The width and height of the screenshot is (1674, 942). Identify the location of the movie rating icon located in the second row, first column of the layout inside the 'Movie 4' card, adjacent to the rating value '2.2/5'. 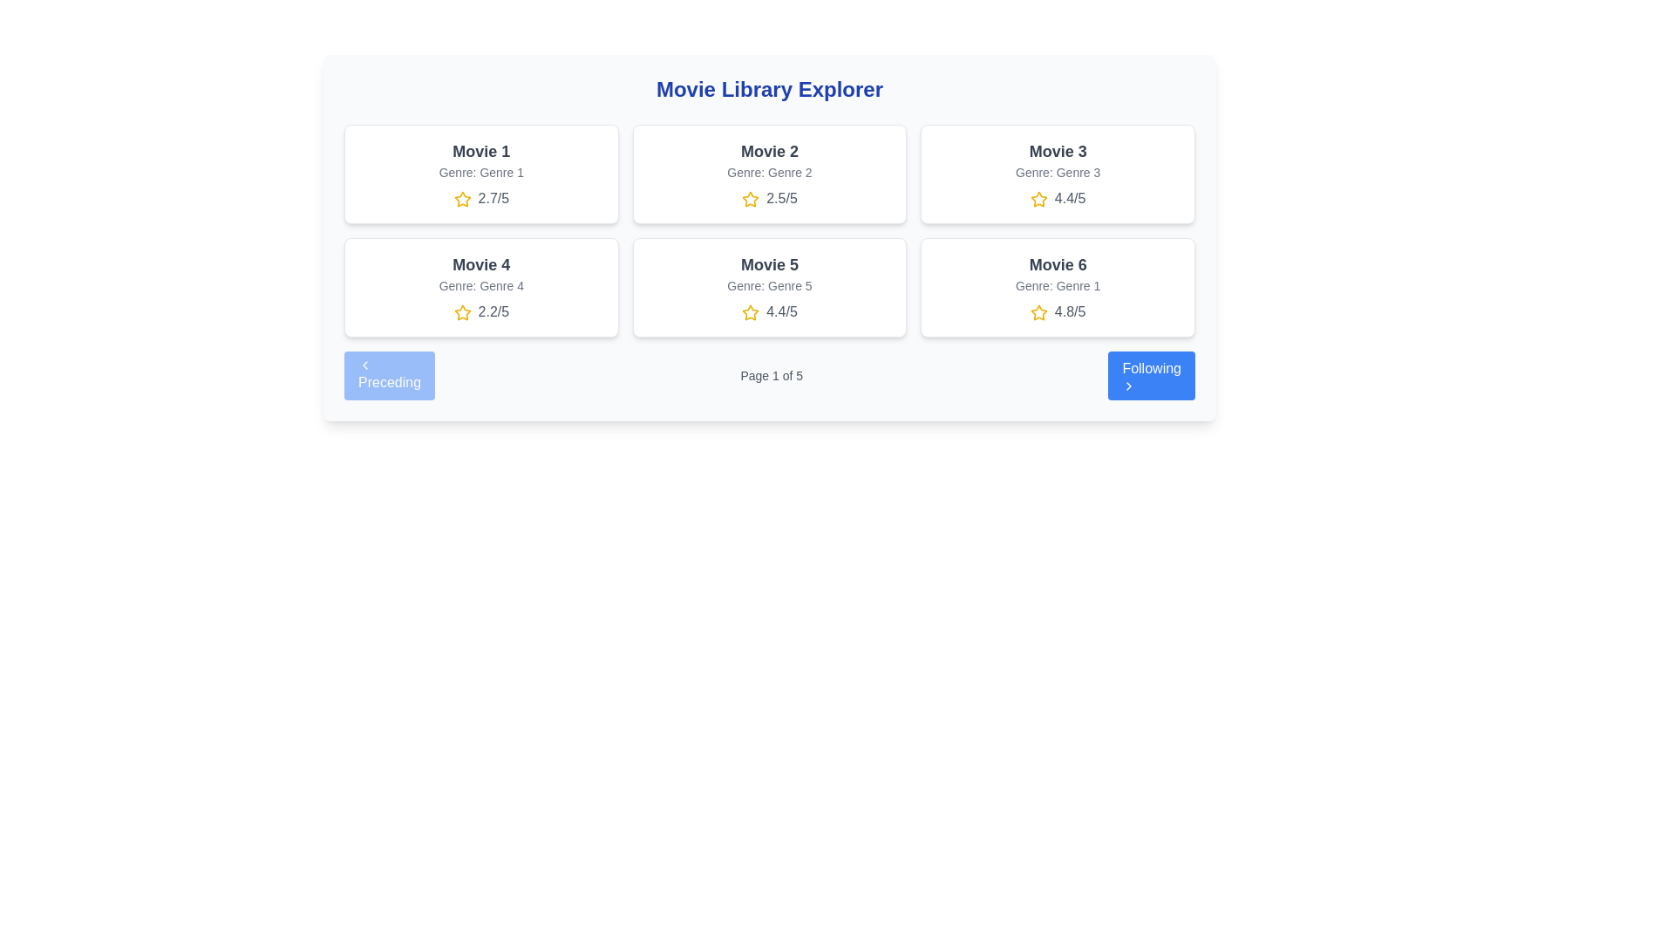
(462, 311).